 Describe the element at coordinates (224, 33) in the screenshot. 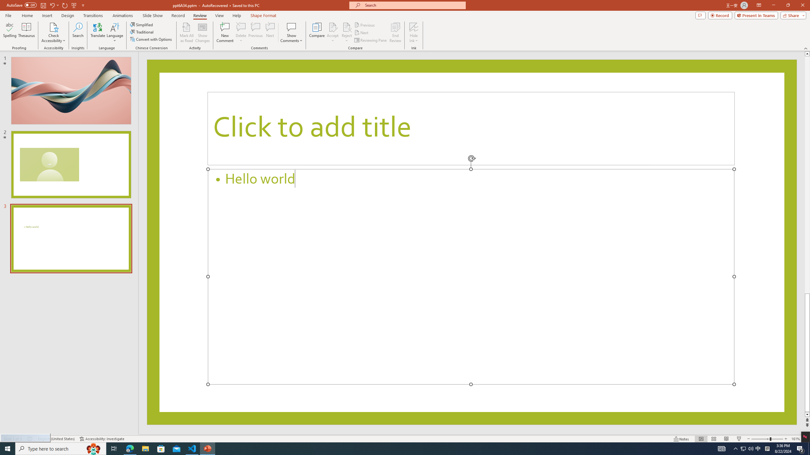

I see `'New Comment'` at that location.